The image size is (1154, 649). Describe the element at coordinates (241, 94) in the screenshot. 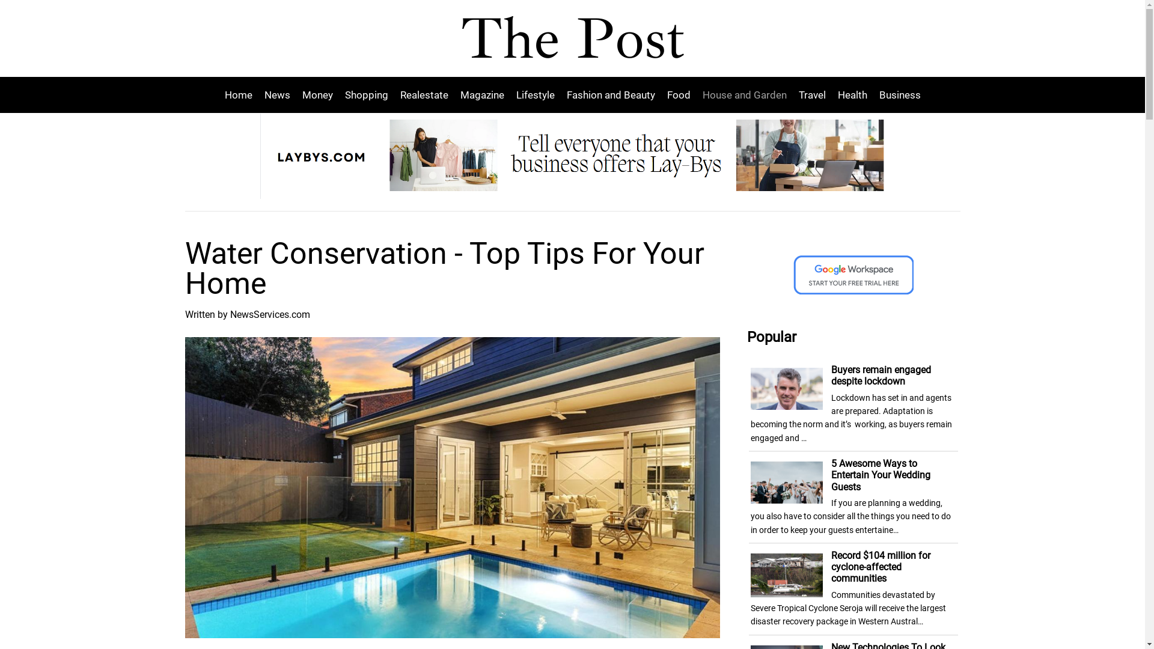

I see `'Home'` at that location.